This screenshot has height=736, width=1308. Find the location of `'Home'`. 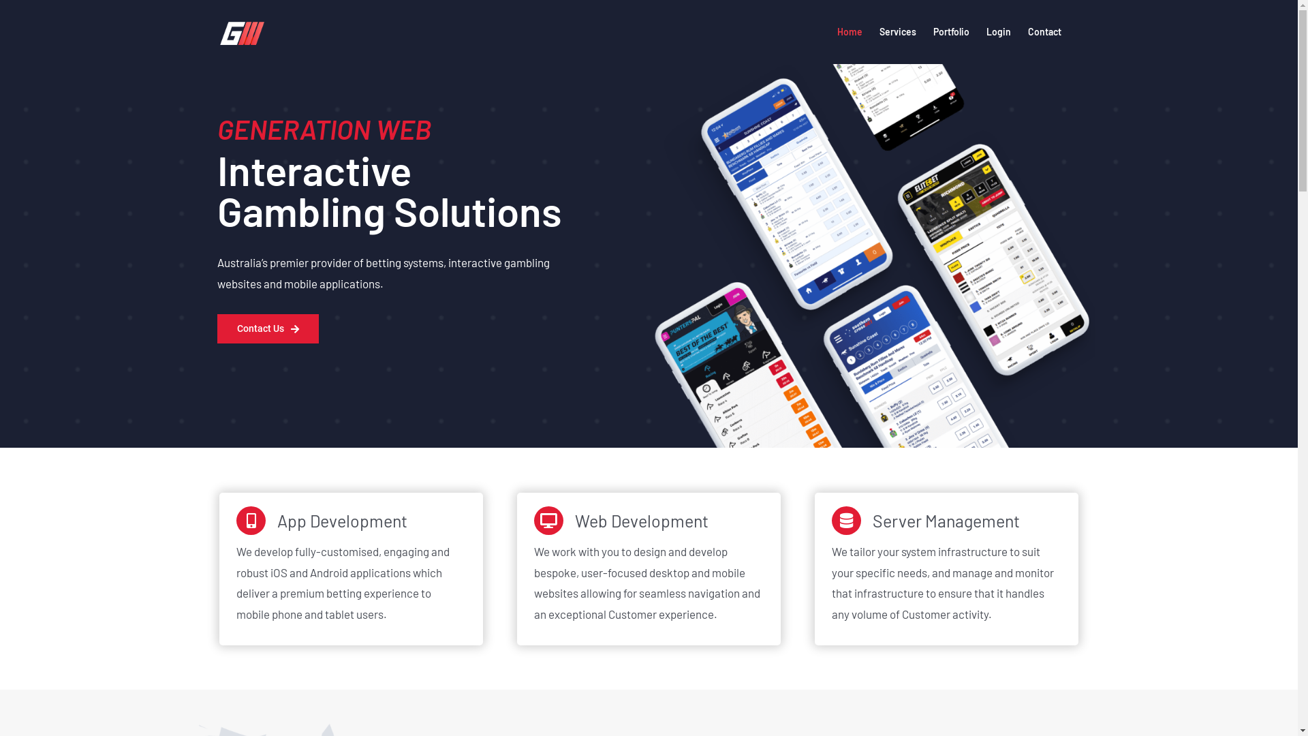

'Home' is located at coordinates (848, 31).